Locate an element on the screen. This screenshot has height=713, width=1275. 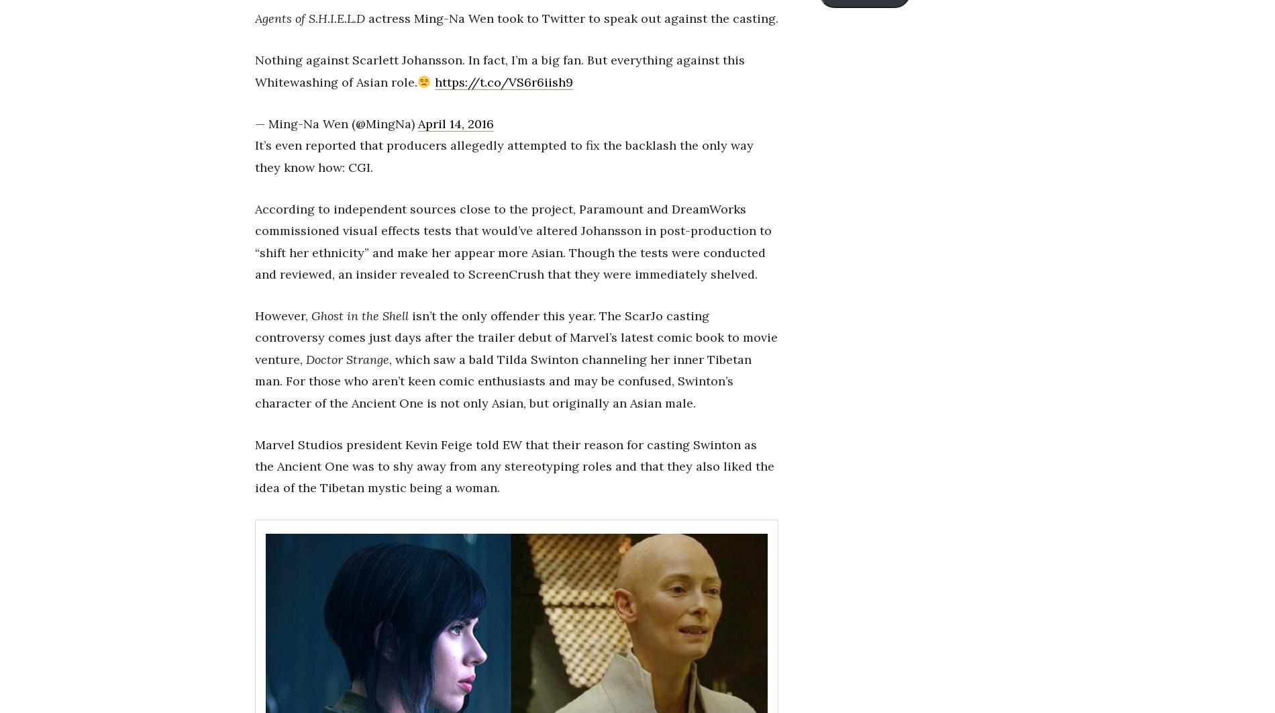
'isn’t the only offender this year. The ScarJo casting controversy comes just days after the trailer debut of Marvel’s latest comic book to movie venture,' is located at coordinates (515, 336).